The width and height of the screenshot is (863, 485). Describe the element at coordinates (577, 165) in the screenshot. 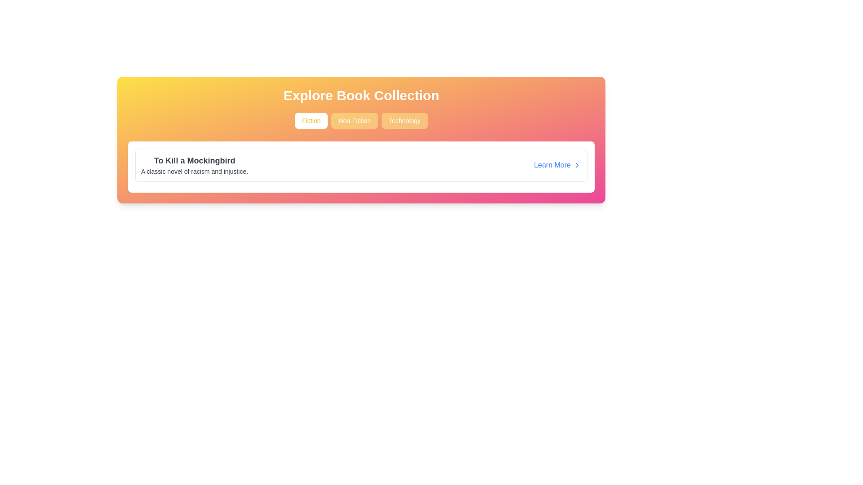

I see `the right-pointing chevron icon located near the 'Learn More' link` at that location.